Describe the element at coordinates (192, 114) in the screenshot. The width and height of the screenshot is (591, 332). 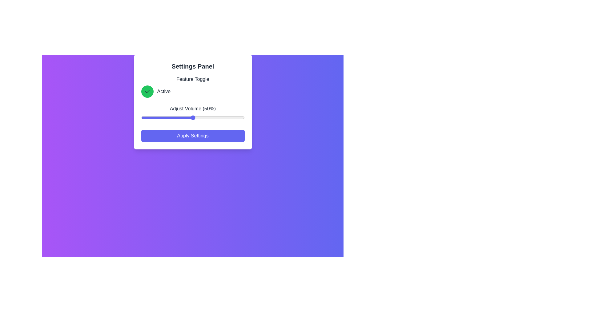
I see `the Range Slider labeled 'Adjust Volume (50%)' located in the 'Settings Panel'` at that location.